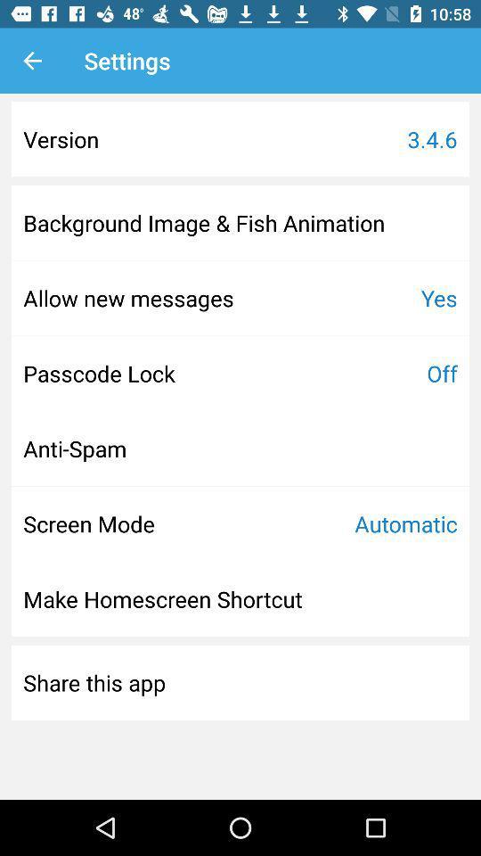 The image size is (481, 856). Describe the element at coordinates (99, 372) in the screenshot. I see `item below the allow new messages icon` at that location.